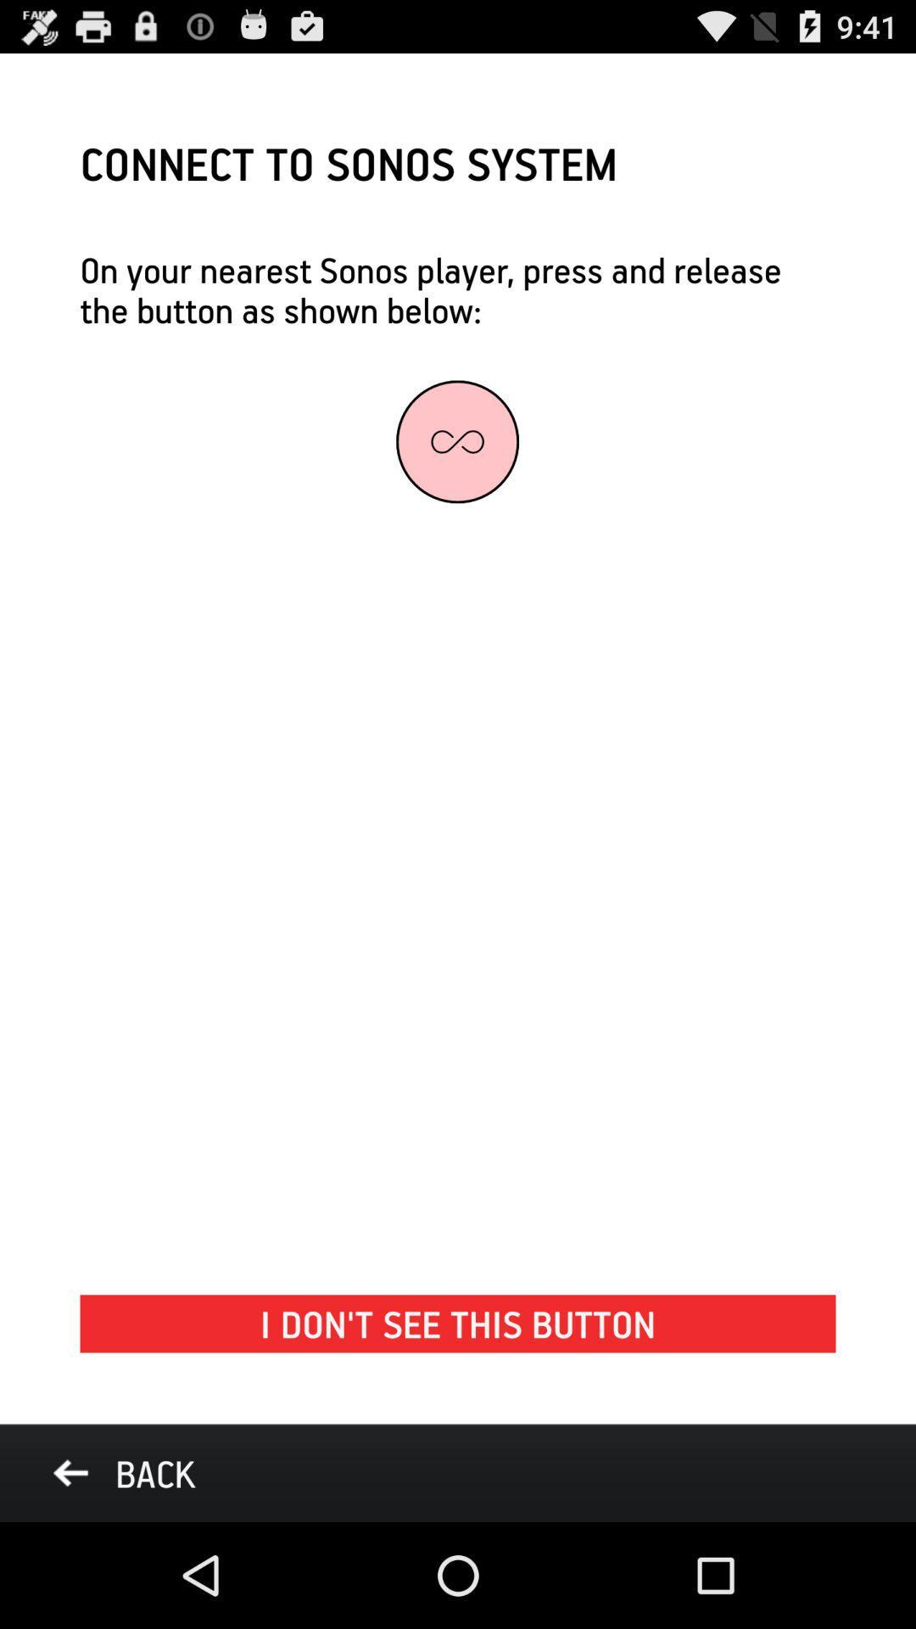  I want to click on i don t item, so click(458, 1323).